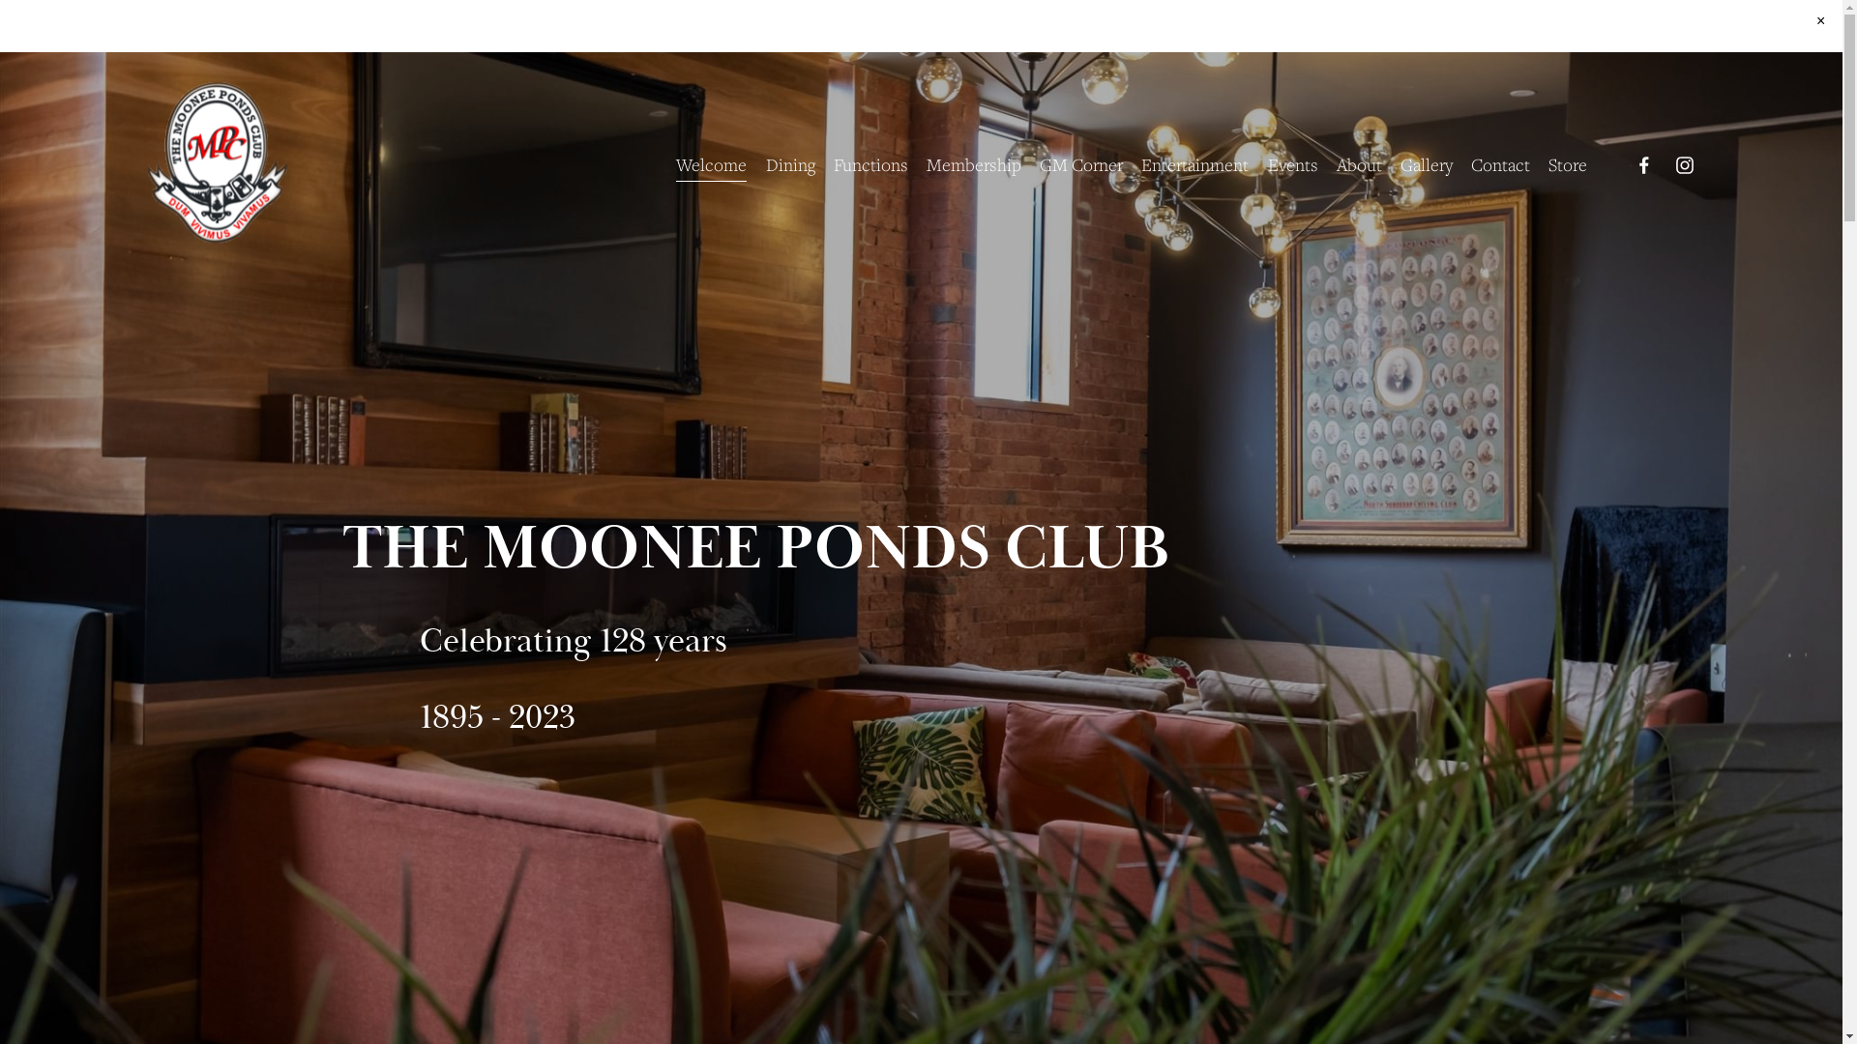 The image size is (1857, 1044). Describe the element at coordinates (1358, 163) in the screenshot. I see `'About'` at that location.